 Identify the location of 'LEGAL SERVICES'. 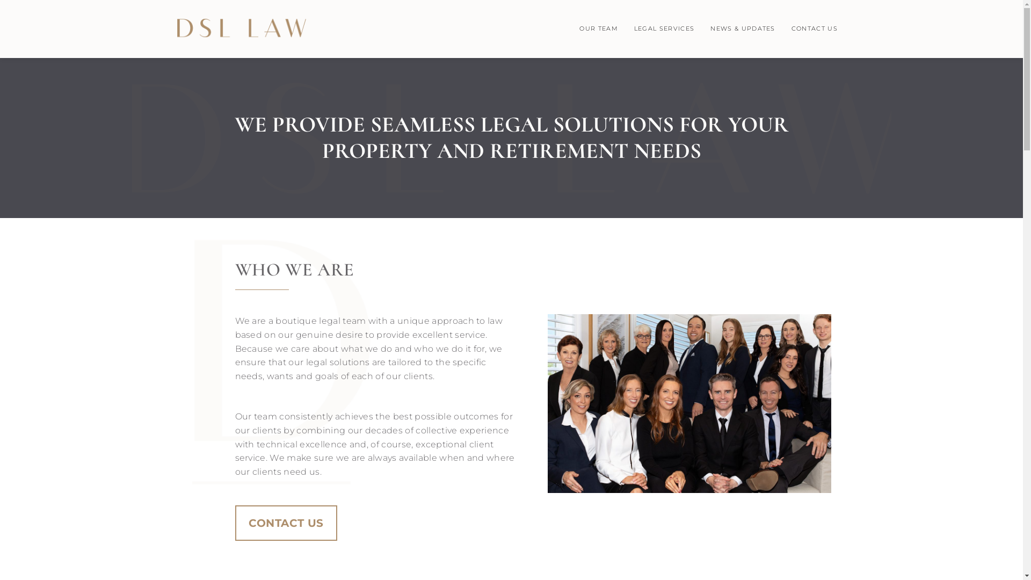
(626, 28).